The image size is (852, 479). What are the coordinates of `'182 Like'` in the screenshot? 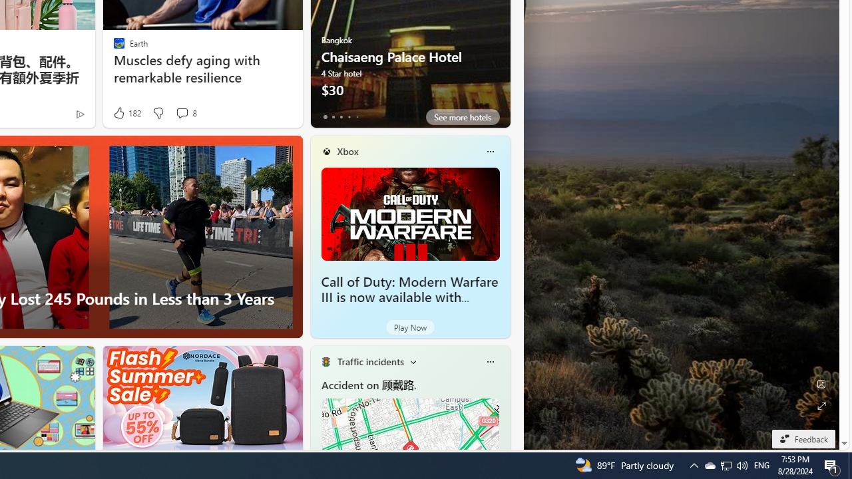 It's located at (126, 112).